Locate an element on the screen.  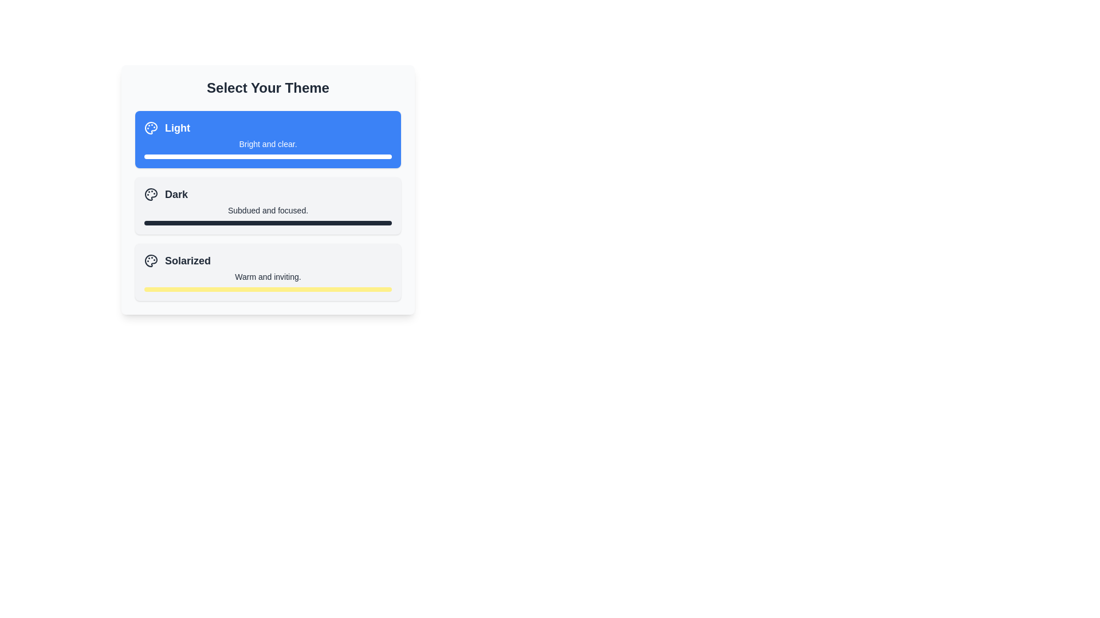
the circular palette icon with a blue background and white details, which is part of the 'Light' theme option and located to the left of the 'Light' text label is located at coordinates (151, 128).